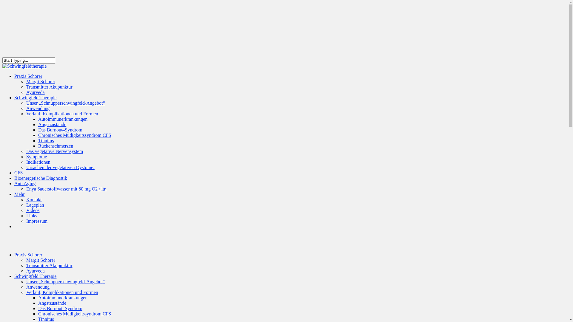 Image resolution: width=573 pixels, height=322 pixels. Describe the element at coordinates (49, 265) in the screenshot. I see `'Transmitter Akupunktur'` at that location.